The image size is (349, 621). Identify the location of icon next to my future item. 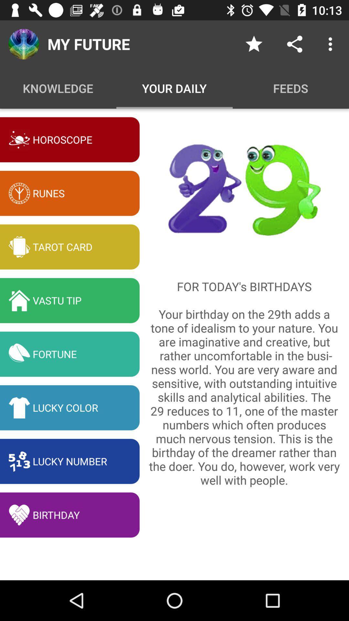
(254, 44).